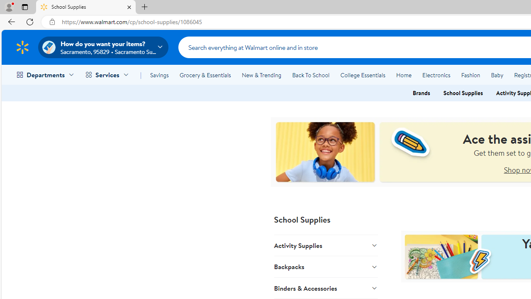  Describe the element at coordinates (159, 75) in the screenshot. I see `'Savings'` at that location.